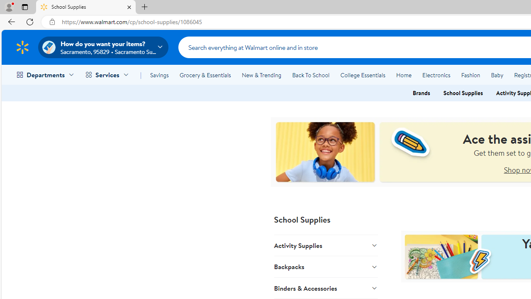  Describe the element at coordinates (159, 75) in the screenshot. I see `'Savings'` at that location.